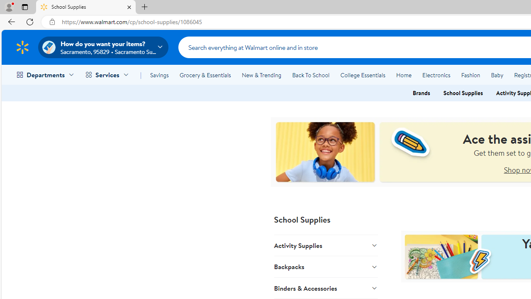  Describe the element at coordinates (159, 75) in the screenshot. I see `'Savings'` at that location.